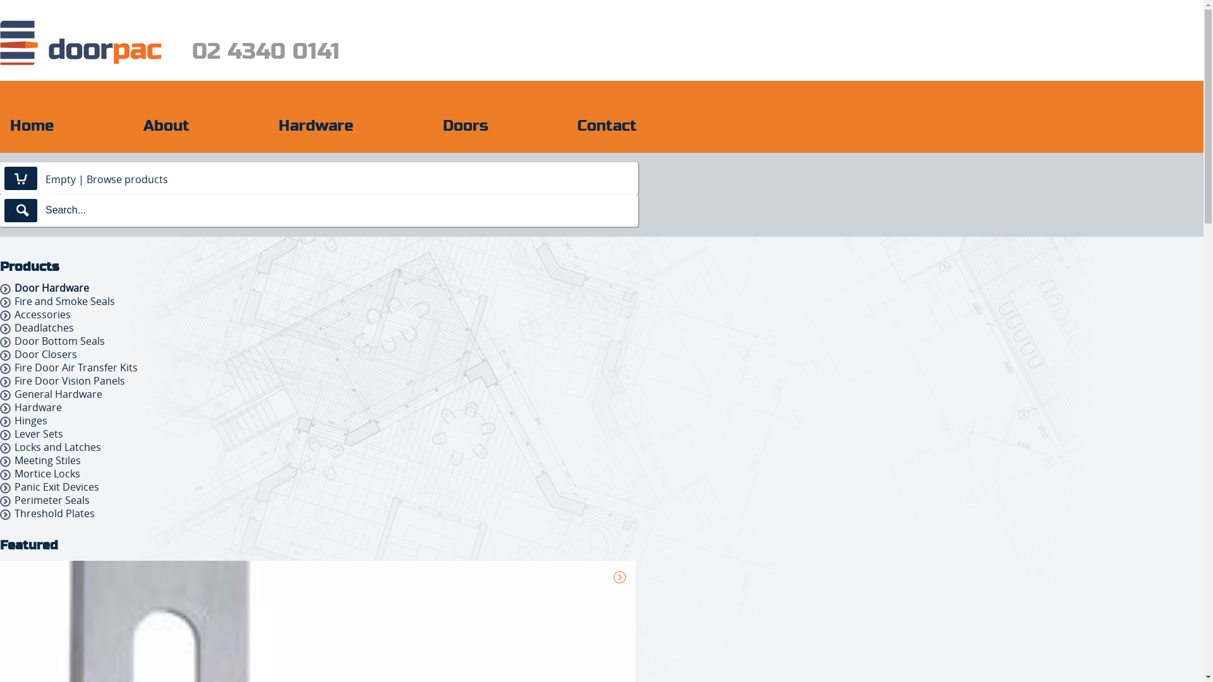 The width and height of the screenshot is (1213, 682). What do you see at coordinates (80, 42) in the screenshot?
I see `'Doorpac'` at bounding box center [80, 42].